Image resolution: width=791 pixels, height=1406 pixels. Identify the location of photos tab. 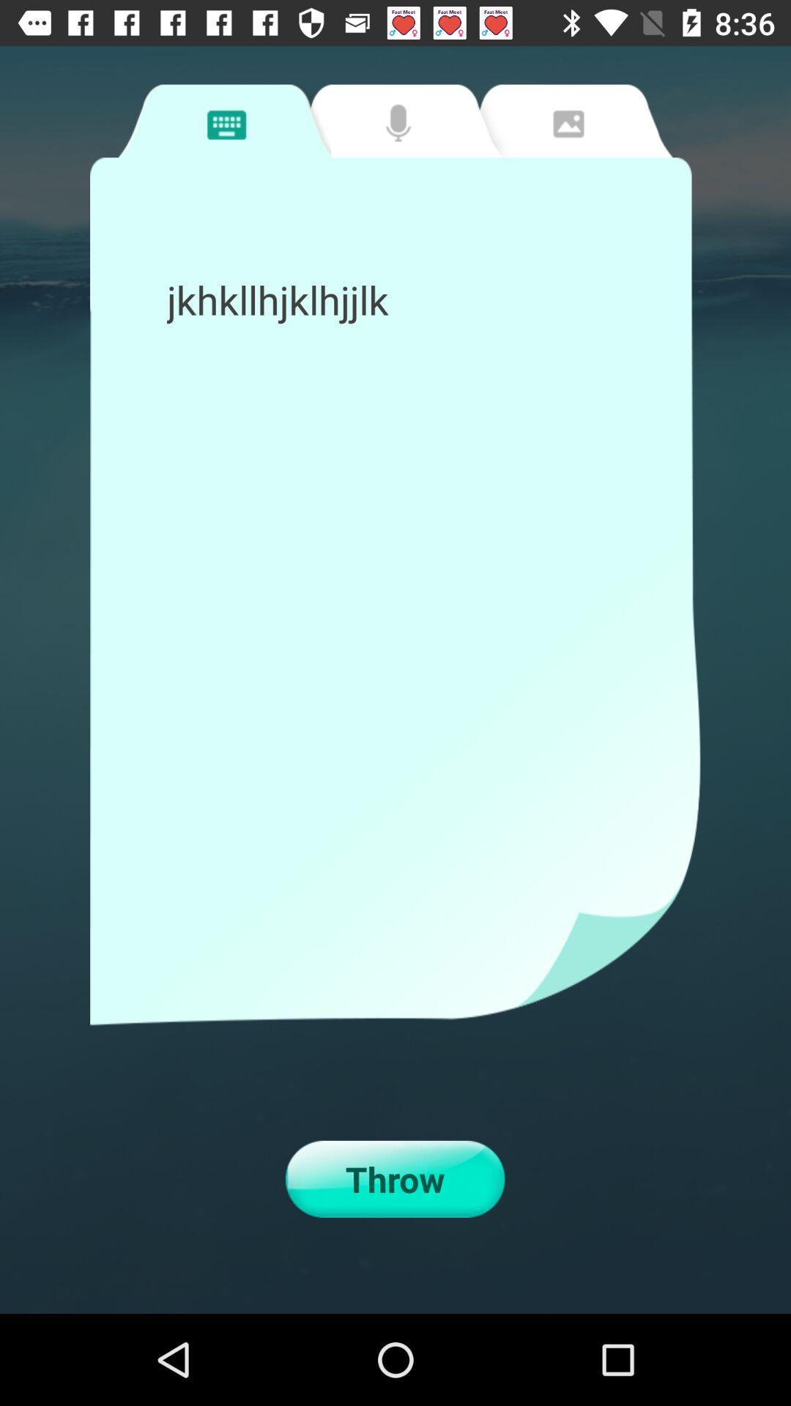
(565, 121).